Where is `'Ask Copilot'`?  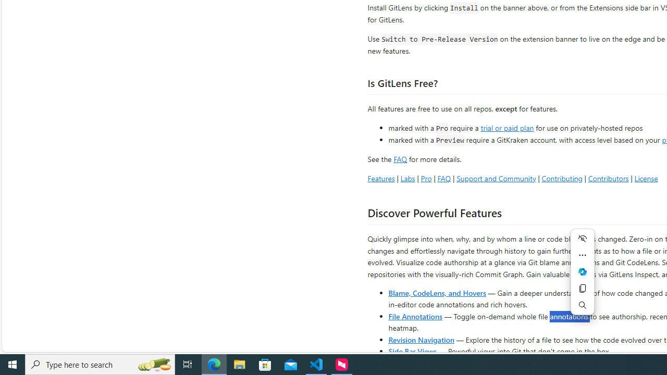 'Ask Copilot' is located at coordinates (582, 271).